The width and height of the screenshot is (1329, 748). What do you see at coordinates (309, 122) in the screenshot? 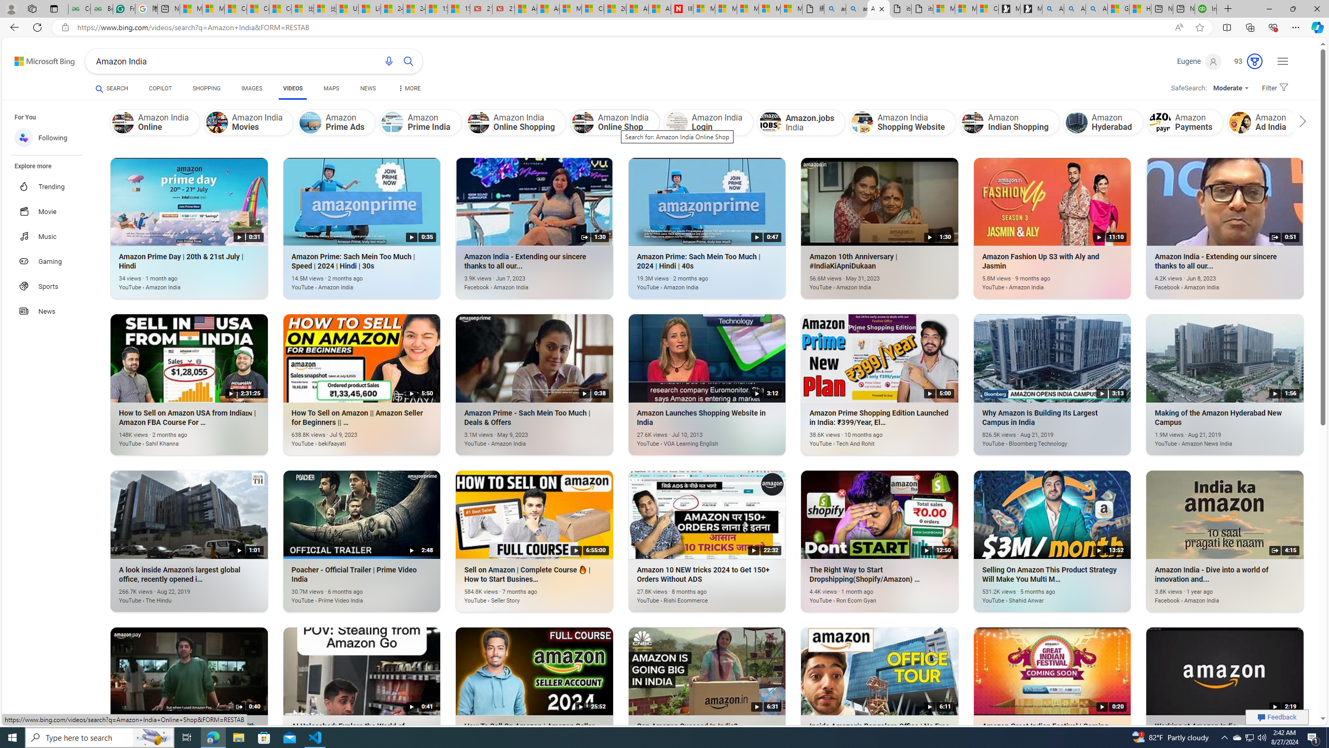
I see `'Amazon Prime Ads'` at bounding box center [309, 122].